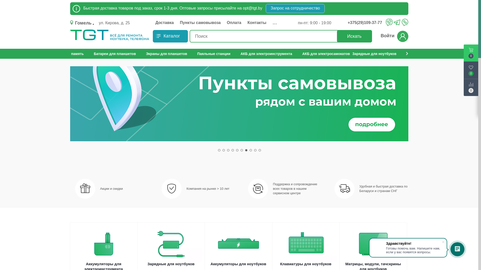  Describe the element at coordinates (253, 8) in the screenshot. I see `'opt@tgt.by'` at that location.